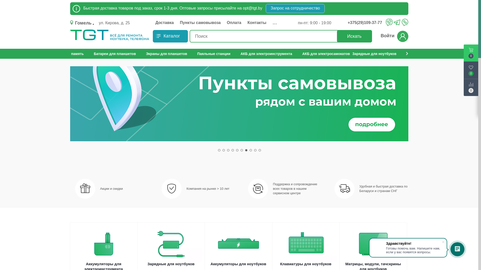  Describe the element at coordinates (253, 8) in the screenshot. I see `'opt@tgt.by'` at that location.